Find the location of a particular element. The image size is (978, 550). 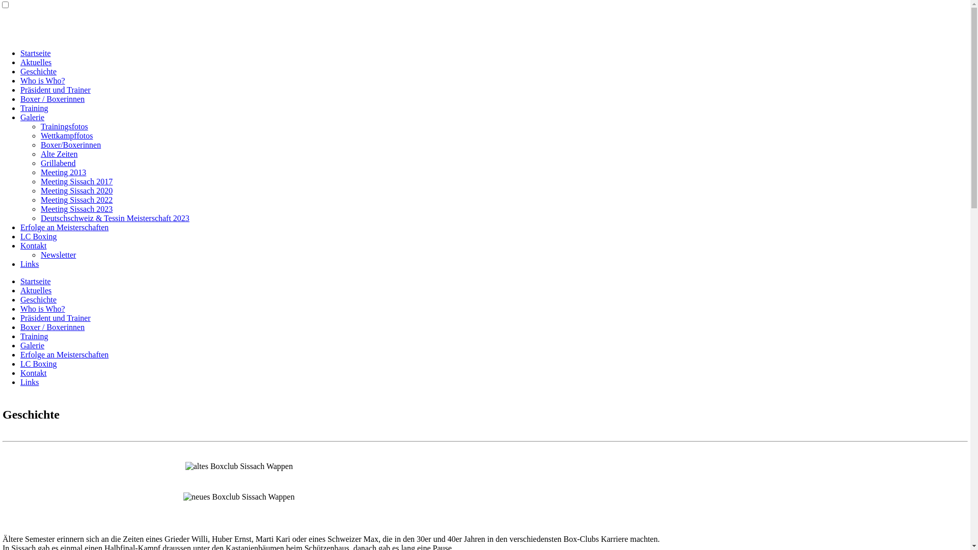

'Training' is located at coordinates (34, 336).